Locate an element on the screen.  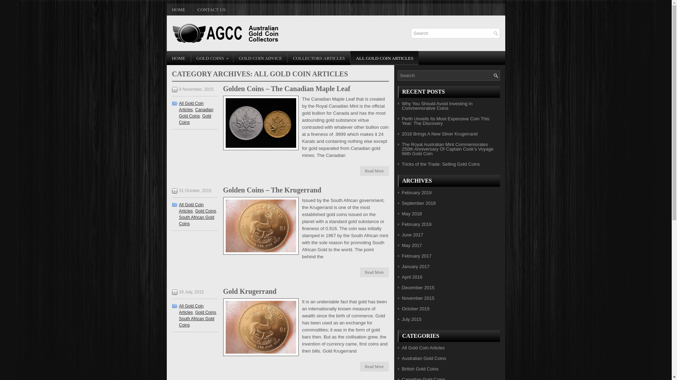
'September 2018' is located at coordinates (402, 203).